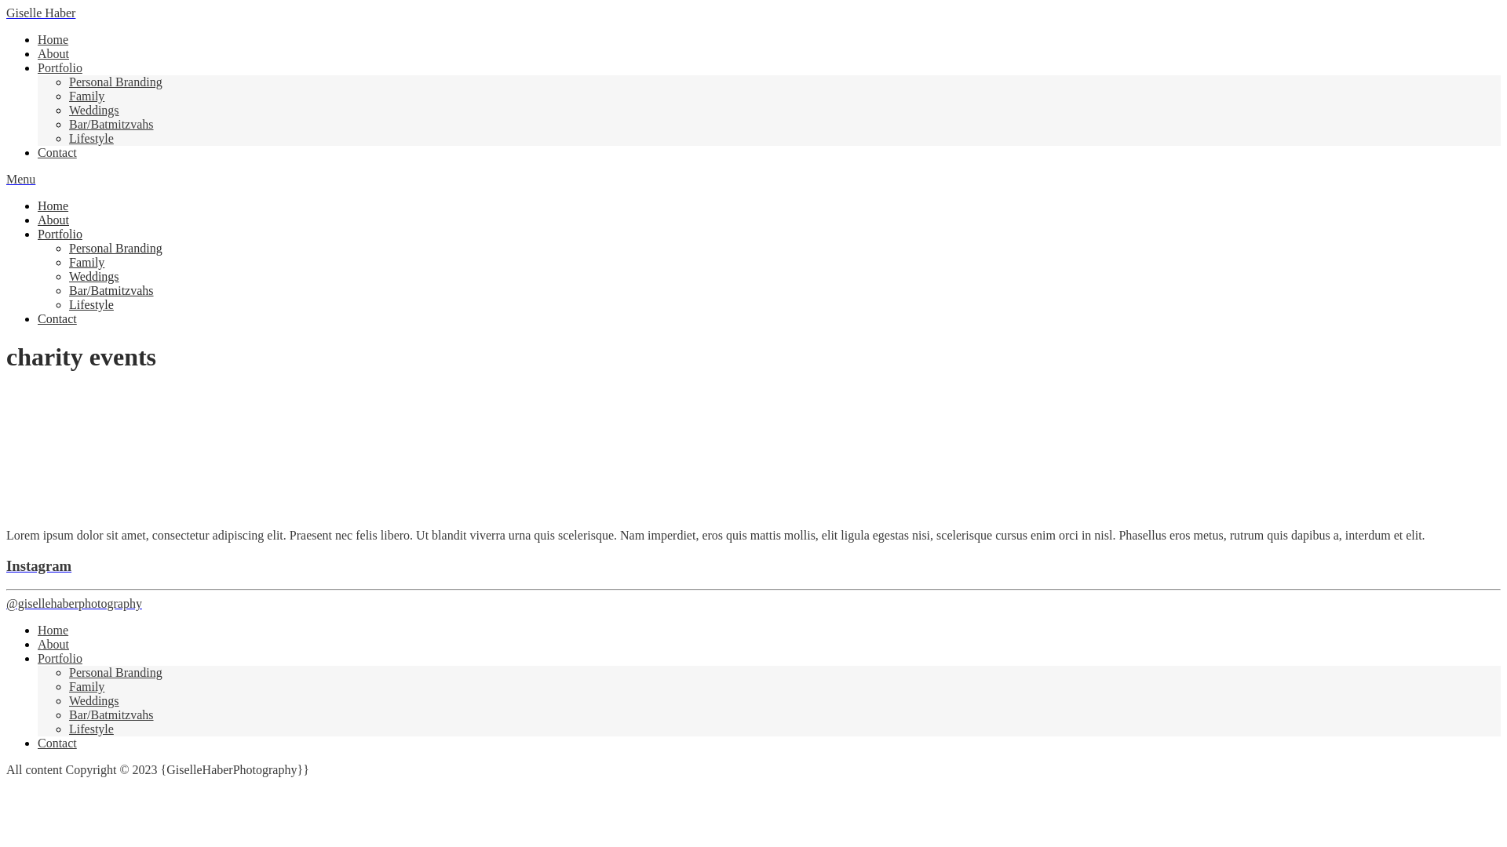  I want to click on 'Contact', so click(57, 742).